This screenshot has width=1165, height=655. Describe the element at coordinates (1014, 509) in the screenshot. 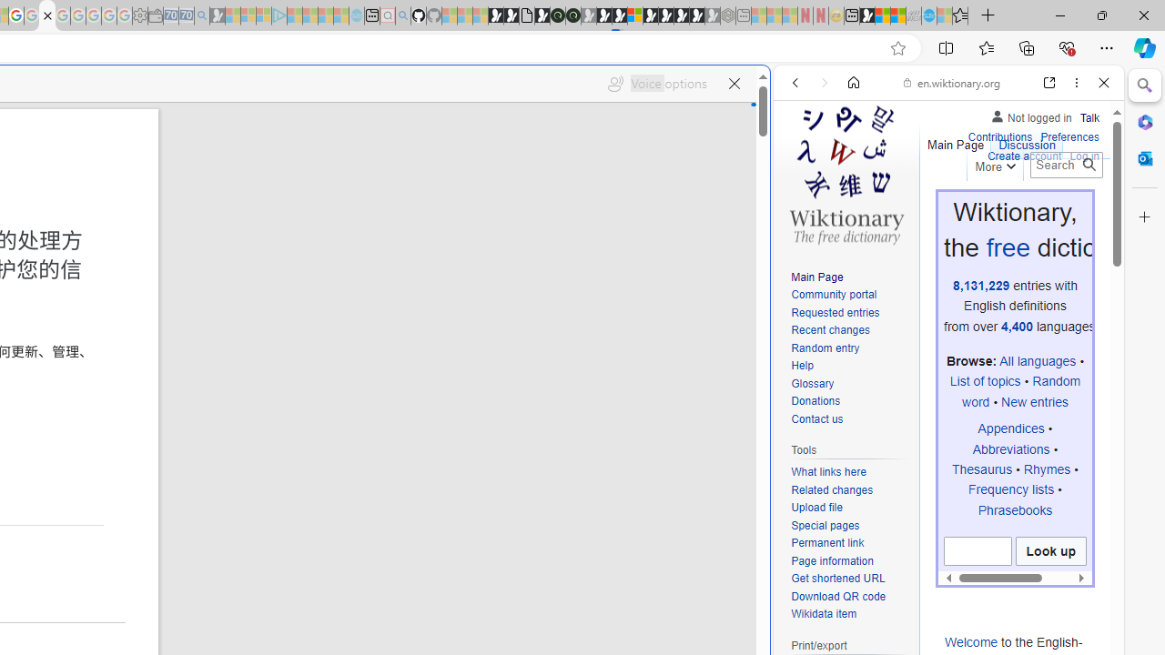

I see `'Phrasebooks'` at that location.